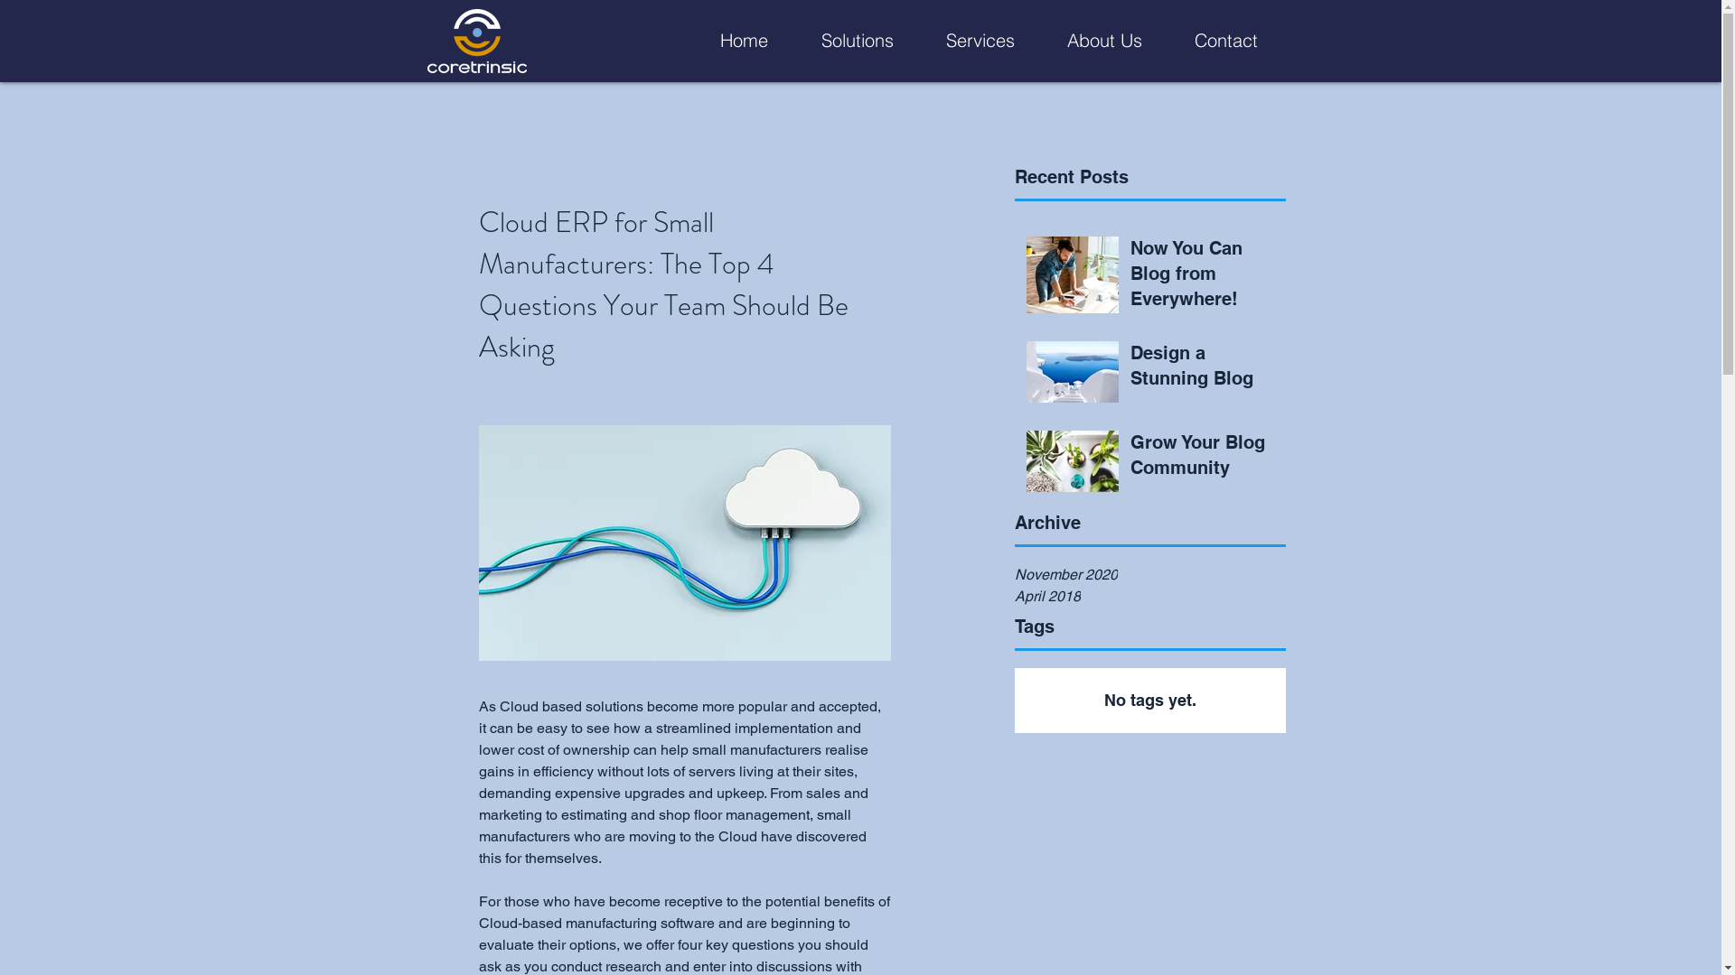  What do you see at coordinates (966, 41) in the screenshot?
I see `'Services'` at bounding box center [966, 41].